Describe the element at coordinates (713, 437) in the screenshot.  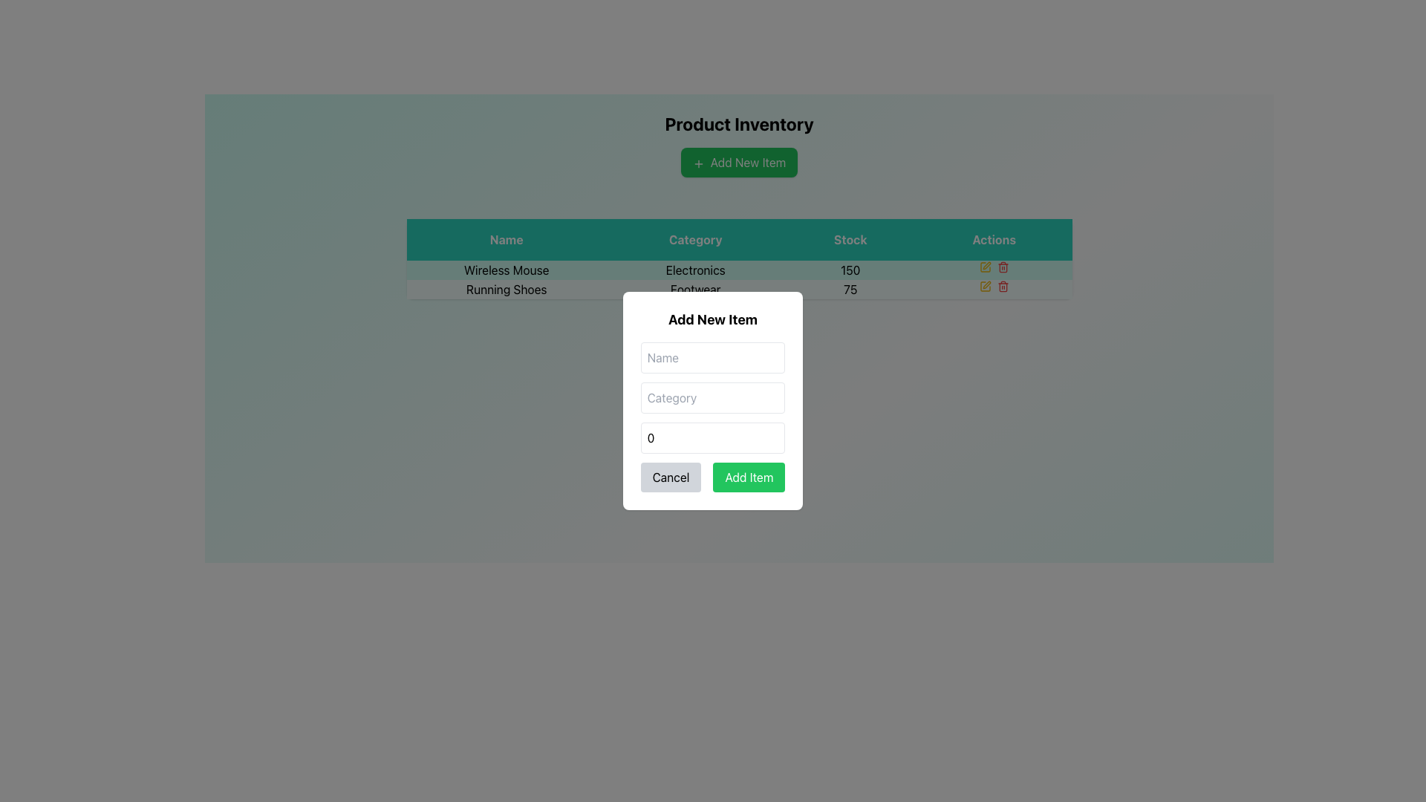
I see `the numeric input field labeled 'Stock' within the 'Add New Item' modal to focus on it` at that location.